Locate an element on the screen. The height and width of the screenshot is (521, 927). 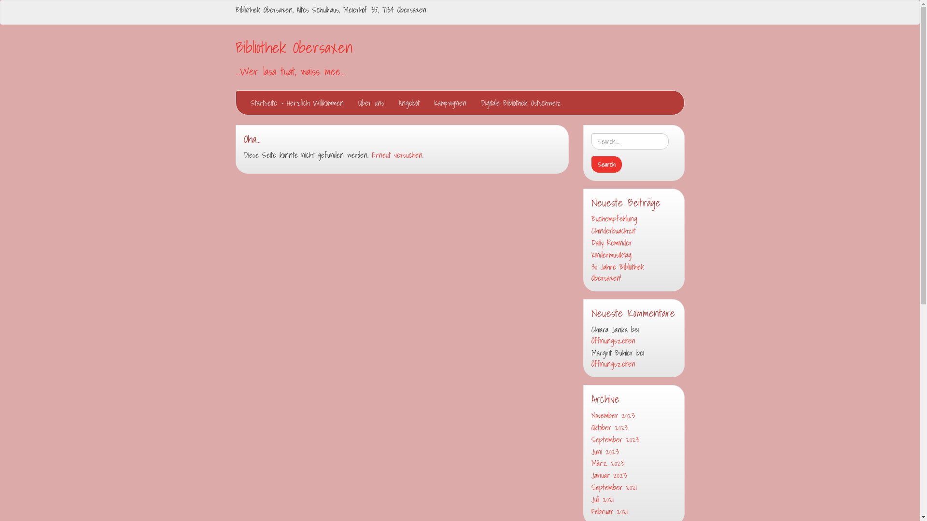
'Kindermusiktag' is located at coordinates (633, 254).